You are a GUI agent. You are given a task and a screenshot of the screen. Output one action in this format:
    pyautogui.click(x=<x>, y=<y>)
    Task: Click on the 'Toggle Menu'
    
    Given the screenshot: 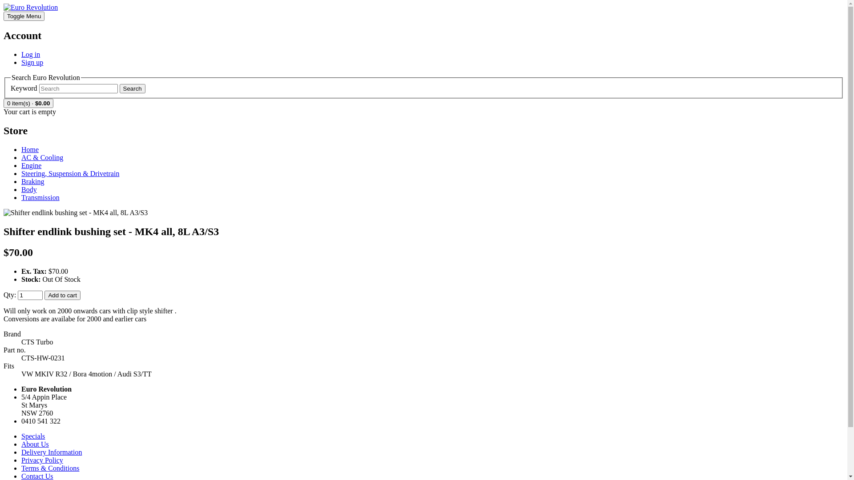 What is the action you would take?
    pyautogui.click(x=24, y=16)
    